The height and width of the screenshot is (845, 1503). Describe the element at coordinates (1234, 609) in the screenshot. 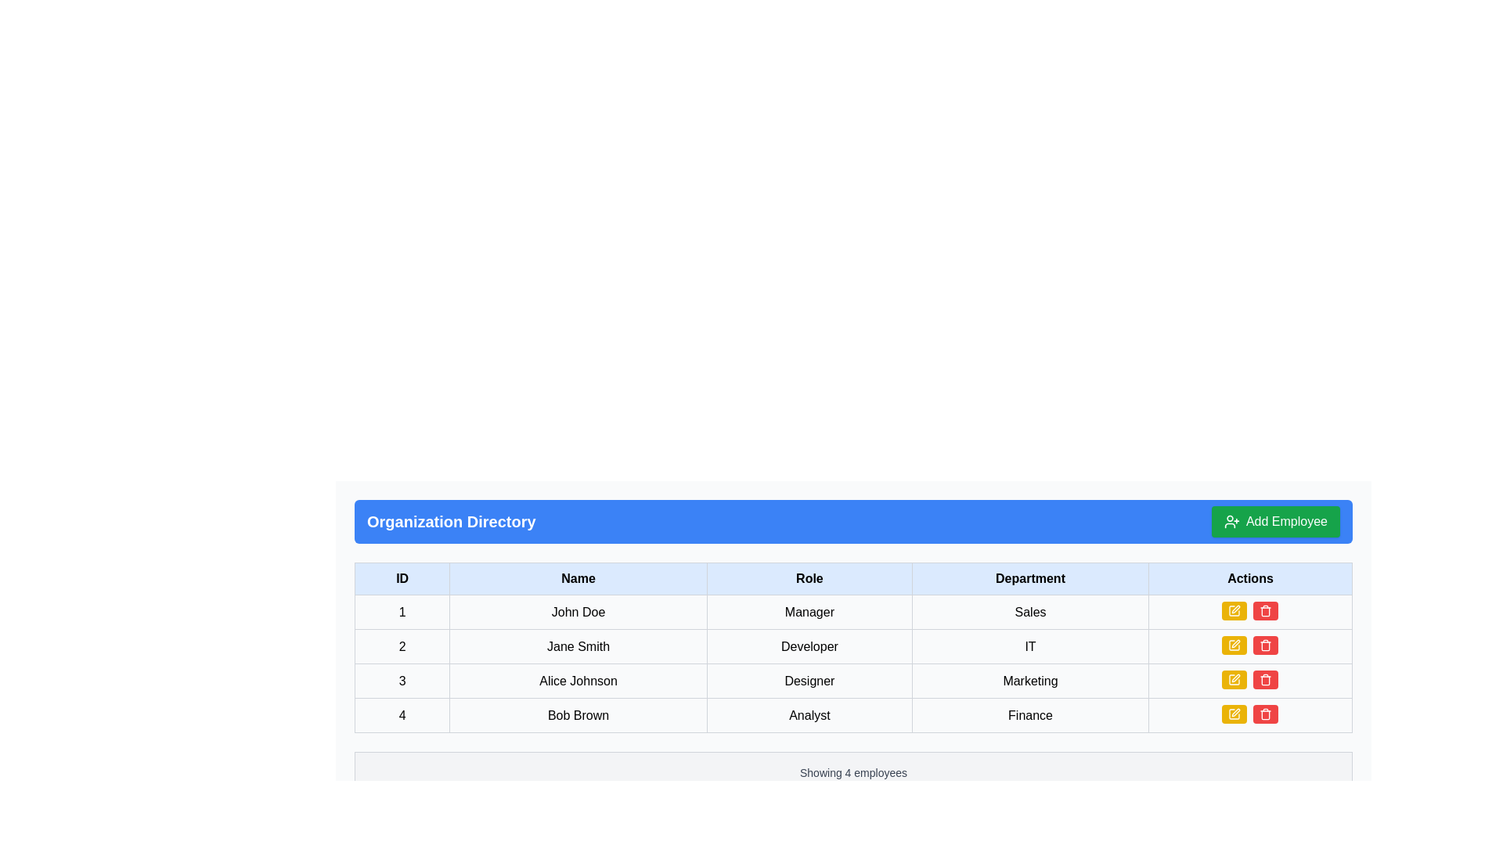

I see `the pen icon in the 'Actions' column of the last row (labeled as 'Bob Brown') in the data table to initiate an editing action` at that location.